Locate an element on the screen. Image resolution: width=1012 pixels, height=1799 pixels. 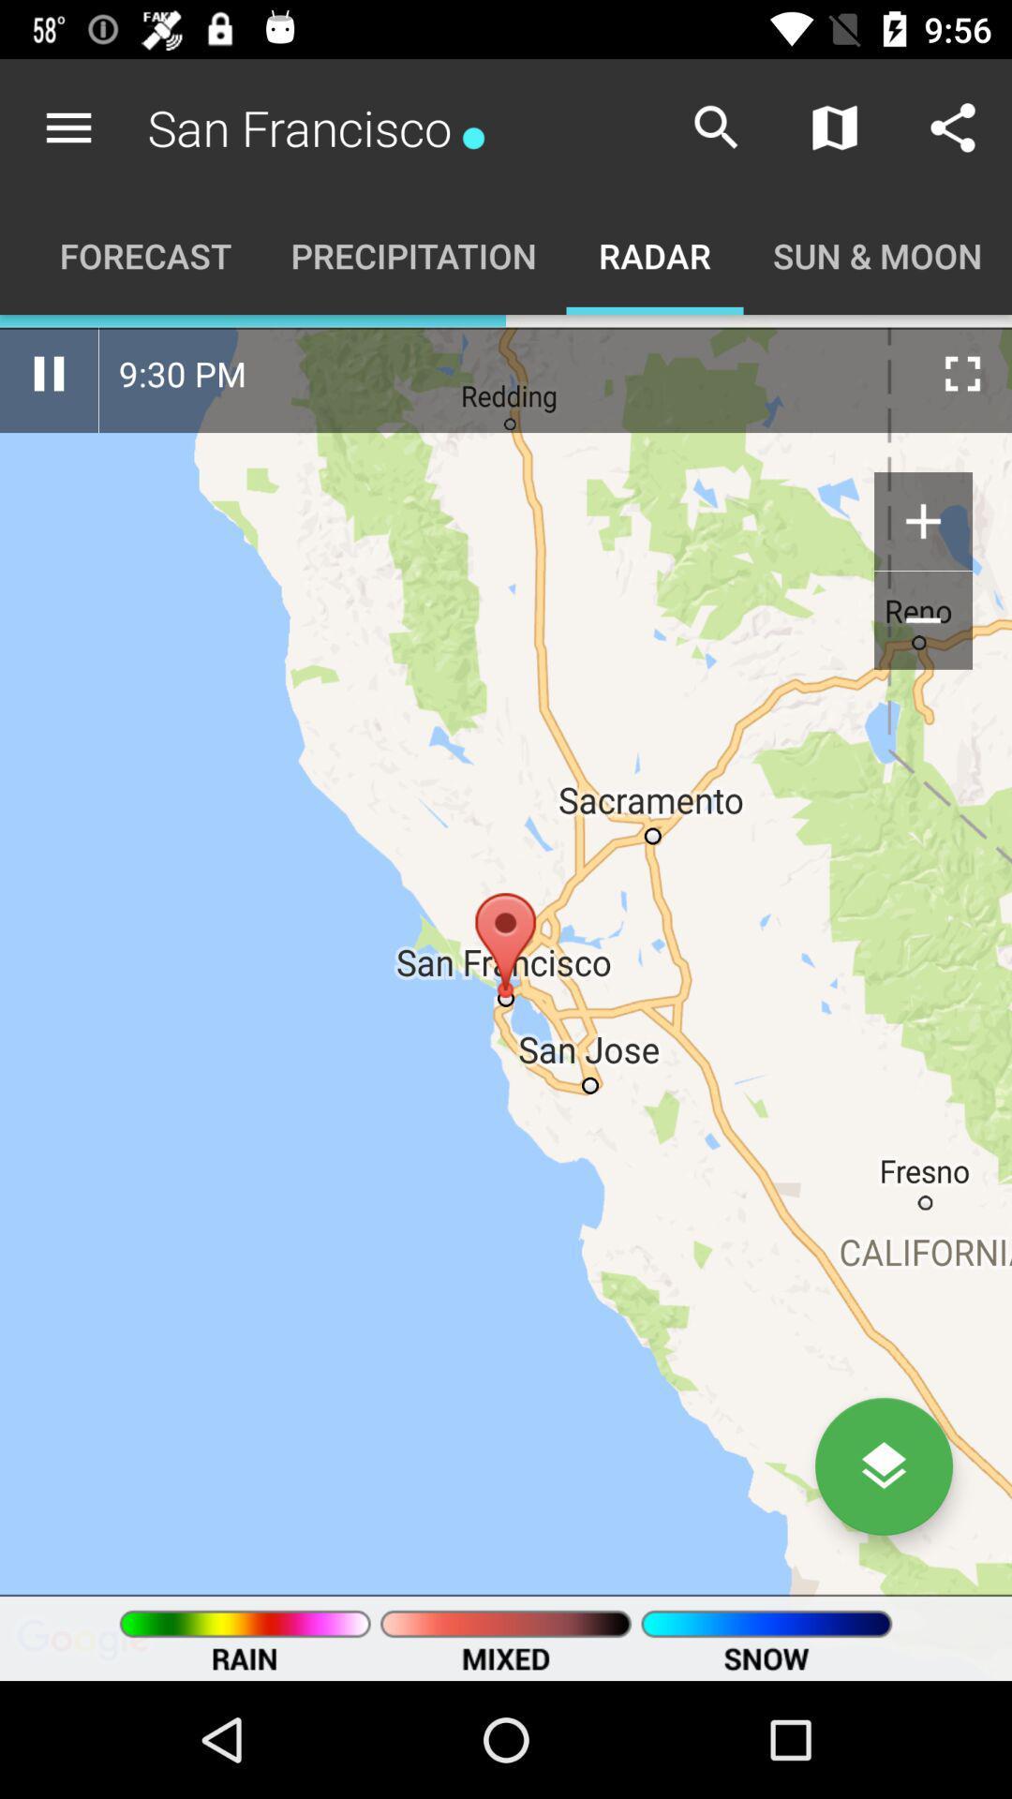
the minus icon is located at coordinates (922, 620).